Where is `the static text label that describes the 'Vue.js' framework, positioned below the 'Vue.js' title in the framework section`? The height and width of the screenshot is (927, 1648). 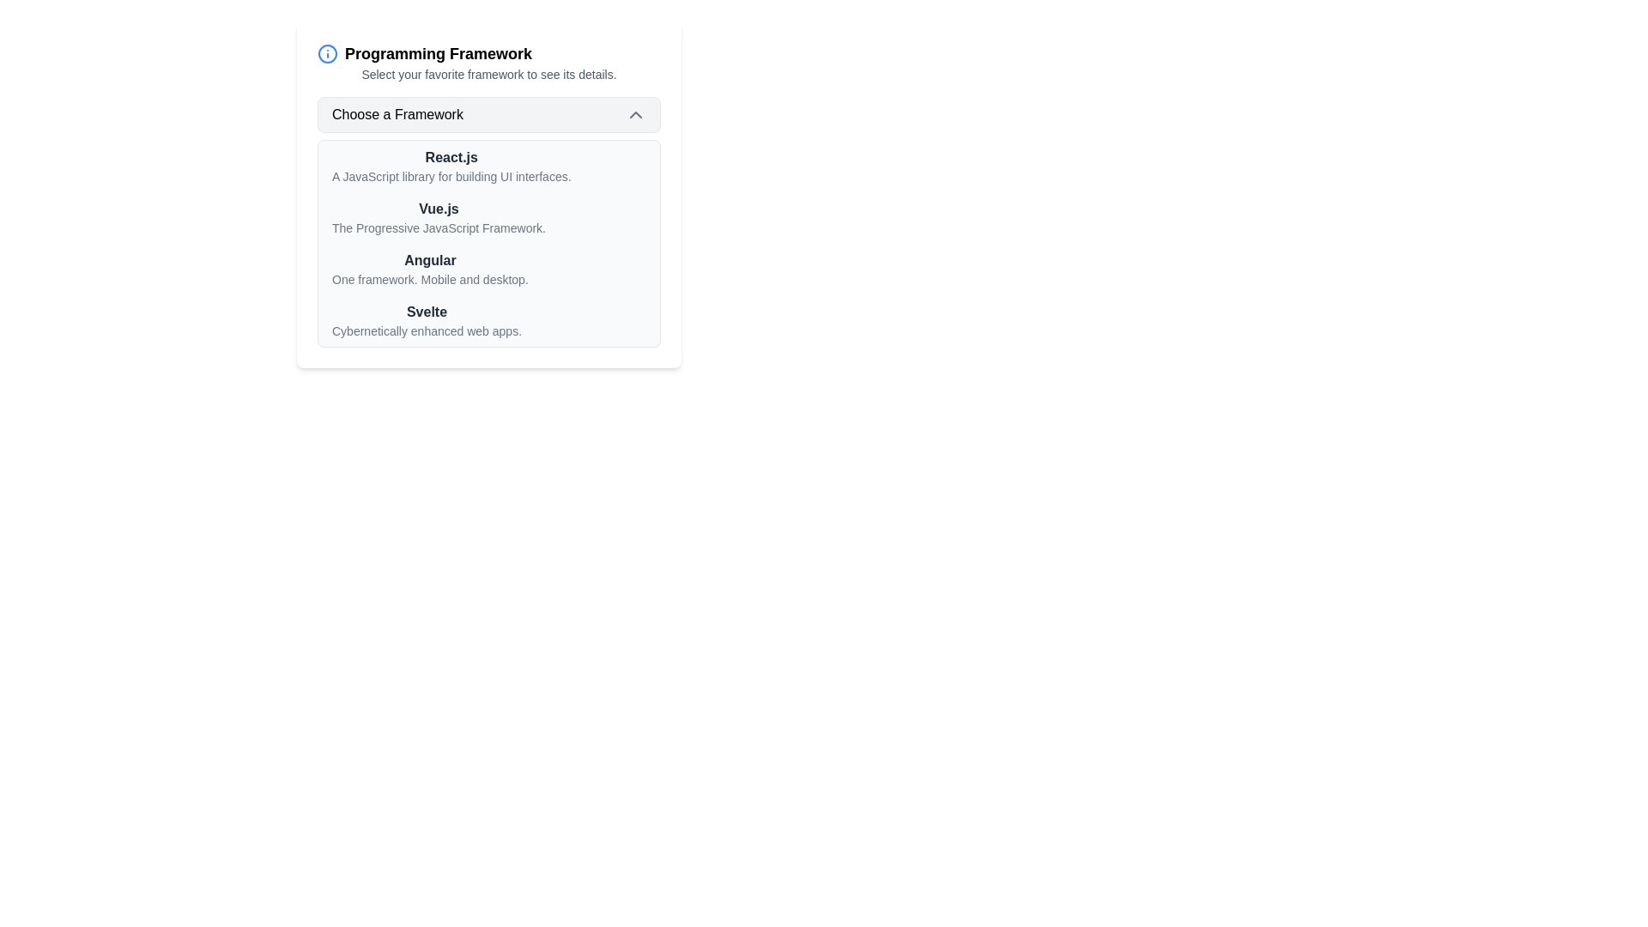
the static text label that describes the 'Vue.js' framework, positioned below the 'Vue.js' title in the framework section is located at coordinates (439, 227).